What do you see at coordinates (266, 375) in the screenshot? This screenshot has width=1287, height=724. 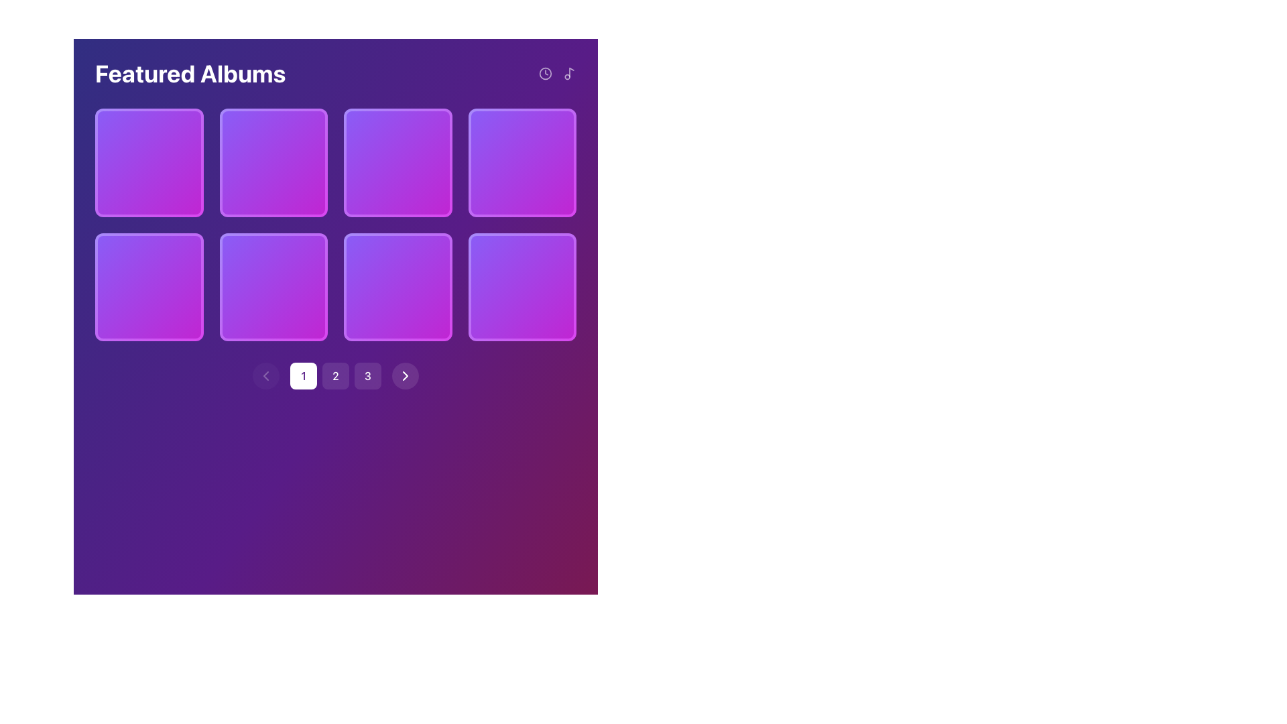 I see `the button located at the bottom of the grid of panels, which navigates to the previous set of items in the pagination context` at bounding box center [266, 375].